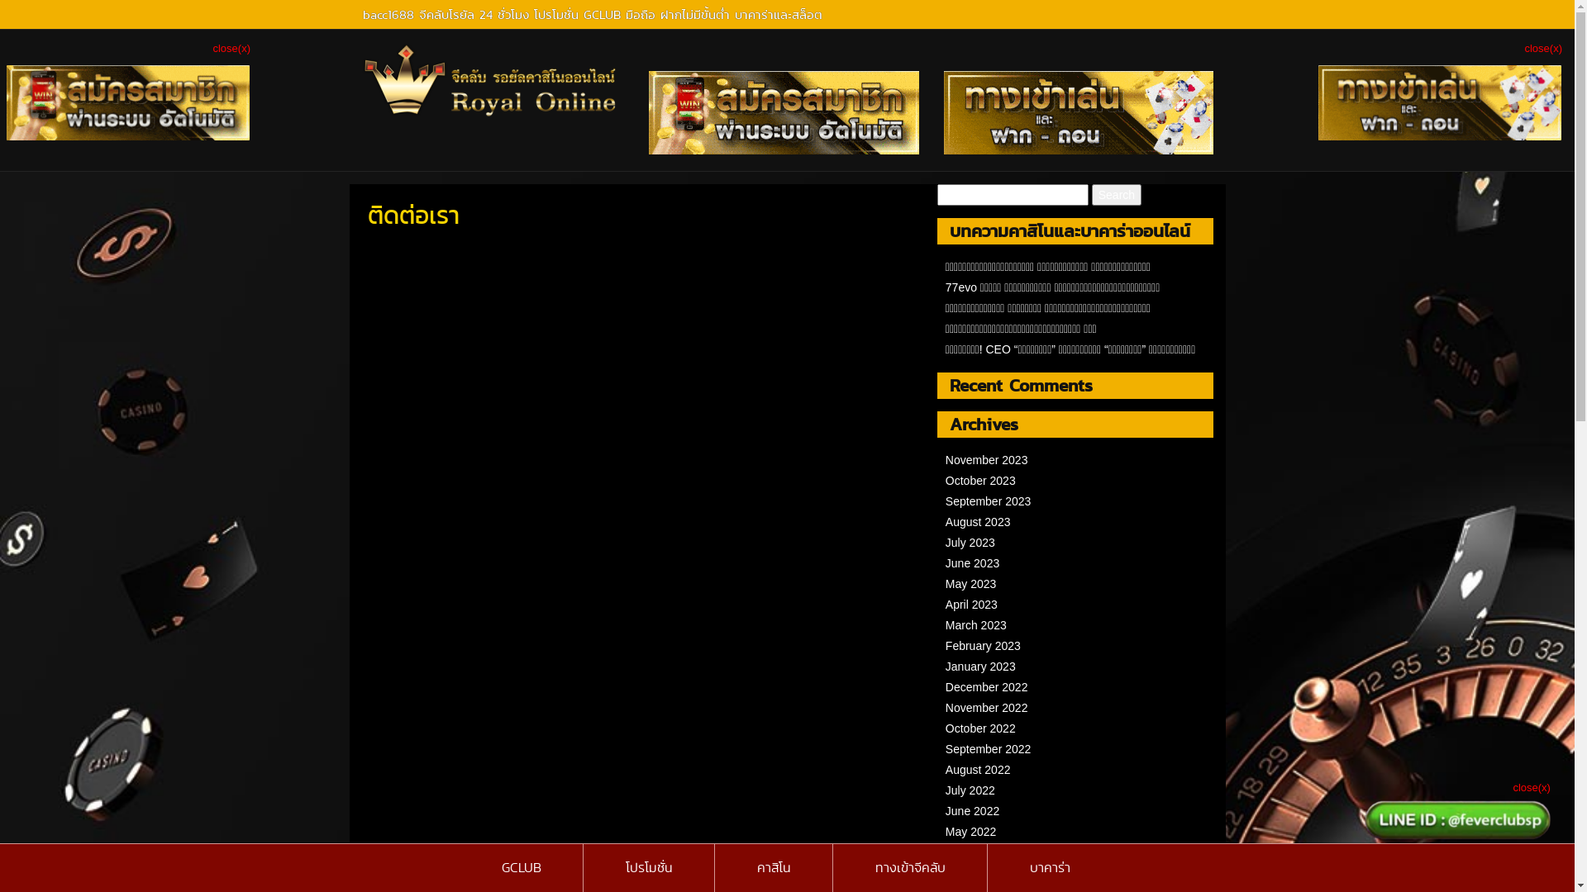 This screenshot has height=892, width=1587. What do you see at coordinates (980, 728) in the screenshot?
I see `'October 2022'` at bounding box center [980, 728].